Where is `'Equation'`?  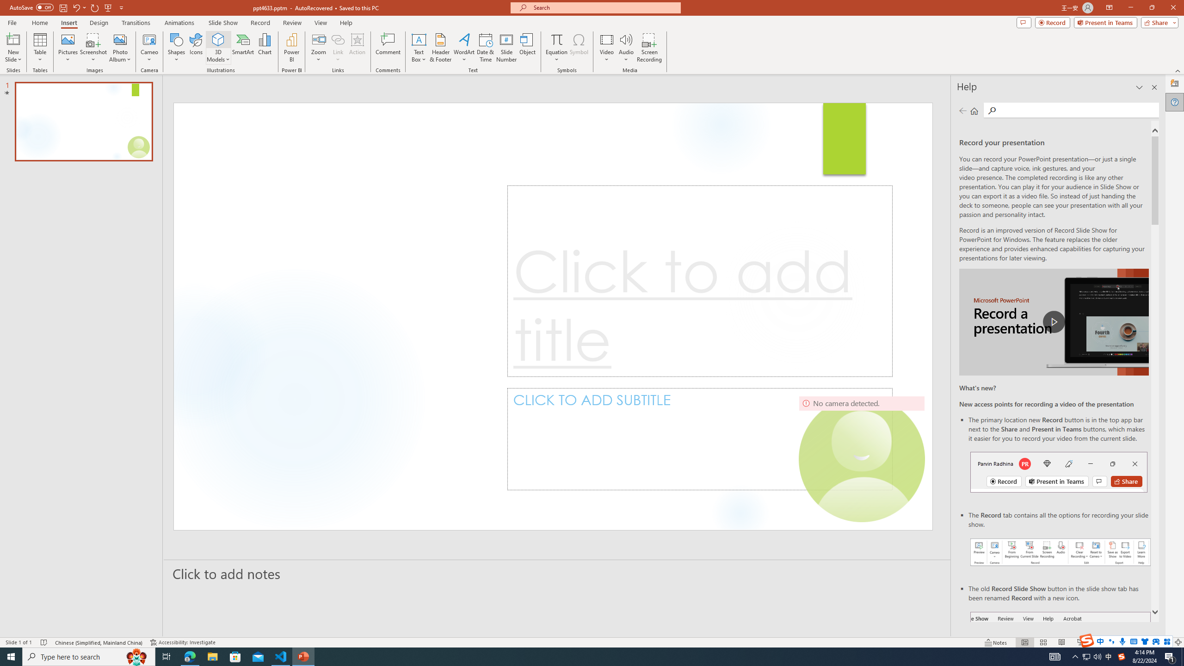 'Equation' is located at coordinates (556, 48).